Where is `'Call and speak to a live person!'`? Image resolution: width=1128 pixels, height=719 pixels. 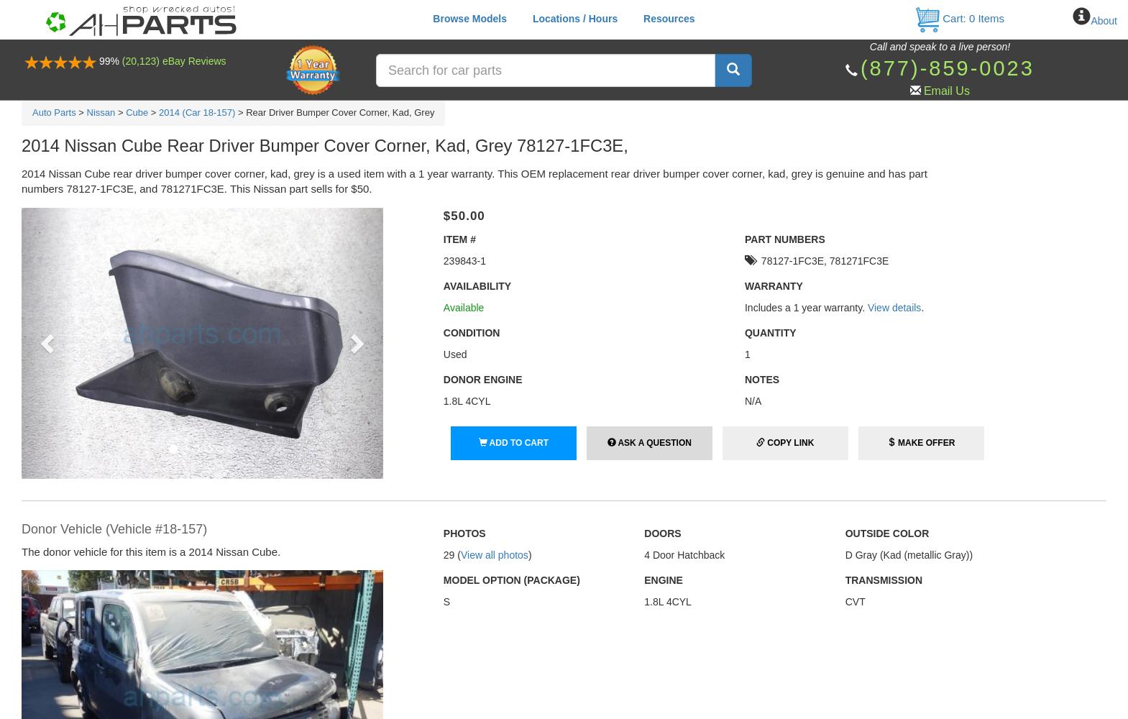 'Call and speak to a live person!' is located at coordinates (869, 46).